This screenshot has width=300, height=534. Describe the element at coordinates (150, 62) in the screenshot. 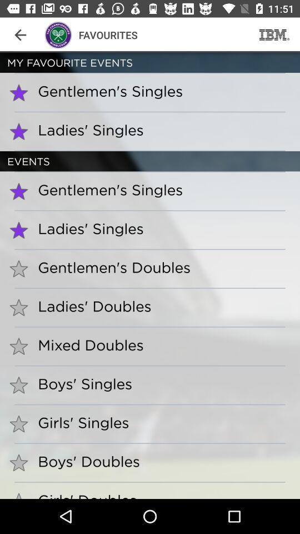

I see `my favourite events item` at that location.